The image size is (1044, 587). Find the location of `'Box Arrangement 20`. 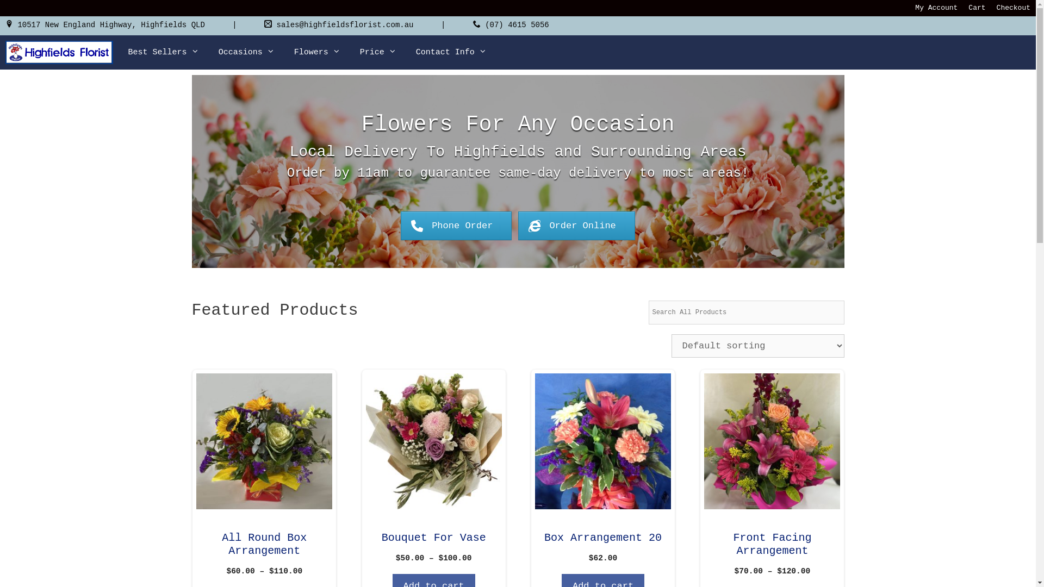

'Box Arrangement 20 is located at coordinates (602, 468).